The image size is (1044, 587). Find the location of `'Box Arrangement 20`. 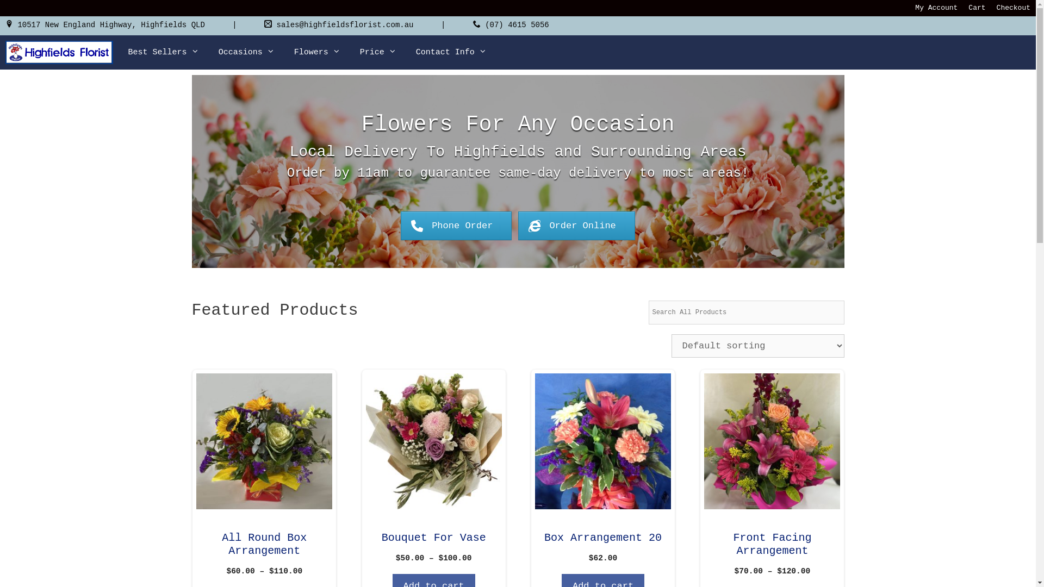

'Box Arrangement 20 is located at coordinates (602, 468).